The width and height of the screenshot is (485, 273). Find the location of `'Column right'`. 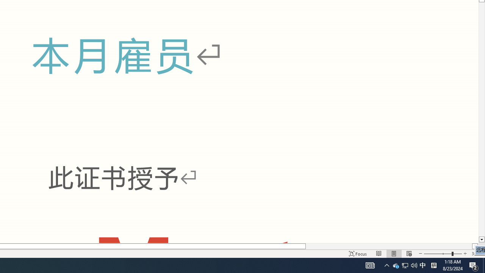

'Column right' is located at coordinates (475, 246).